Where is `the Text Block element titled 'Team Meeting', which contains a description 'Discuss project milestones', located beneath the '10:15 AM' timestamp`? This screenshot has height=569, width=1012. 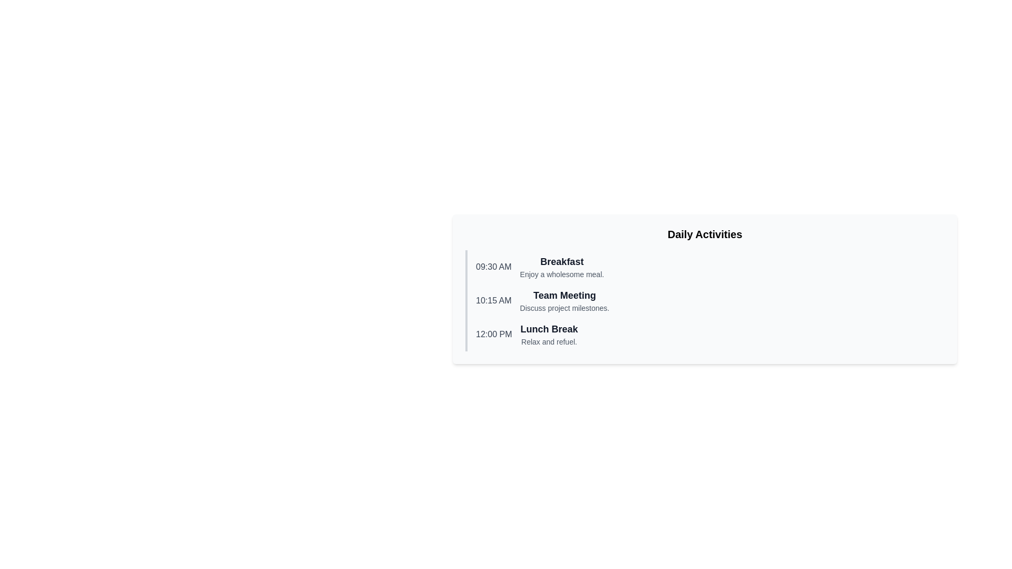 the Text Block element titled 'Team Meeting', which contains a description 'Discuss project milestones', located beneath the '10:15 AM' timestamp is located at coordinates (564, 300).